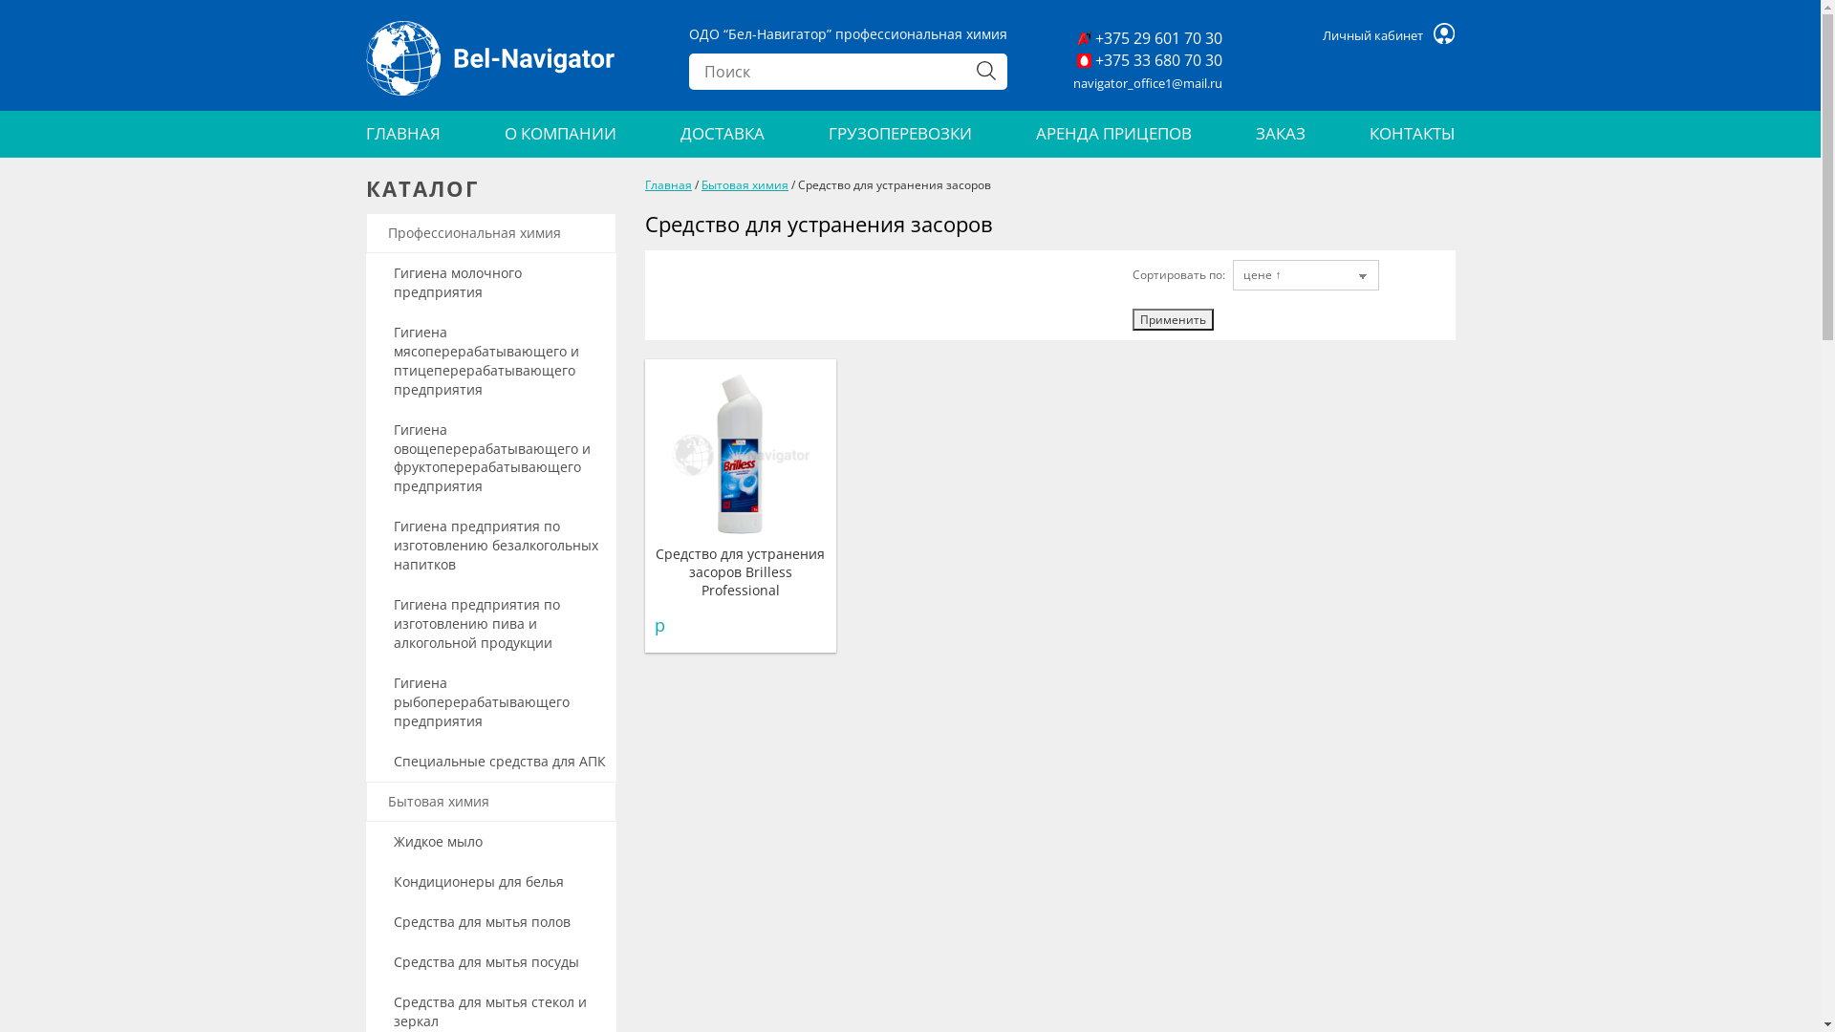 This screenshot has height=1032, width=1835. I want to click on '+375 33 680 70 30', so click(1149, 59).